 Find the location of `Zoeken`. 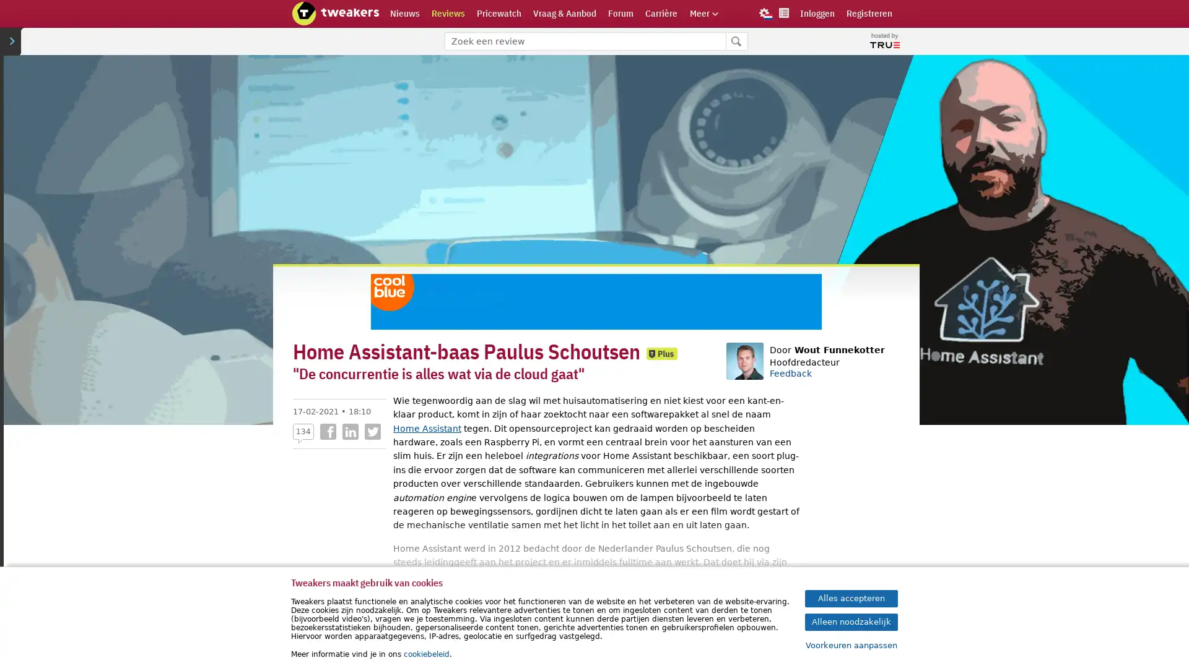

Zoeken is located at coordinates (736, 40).